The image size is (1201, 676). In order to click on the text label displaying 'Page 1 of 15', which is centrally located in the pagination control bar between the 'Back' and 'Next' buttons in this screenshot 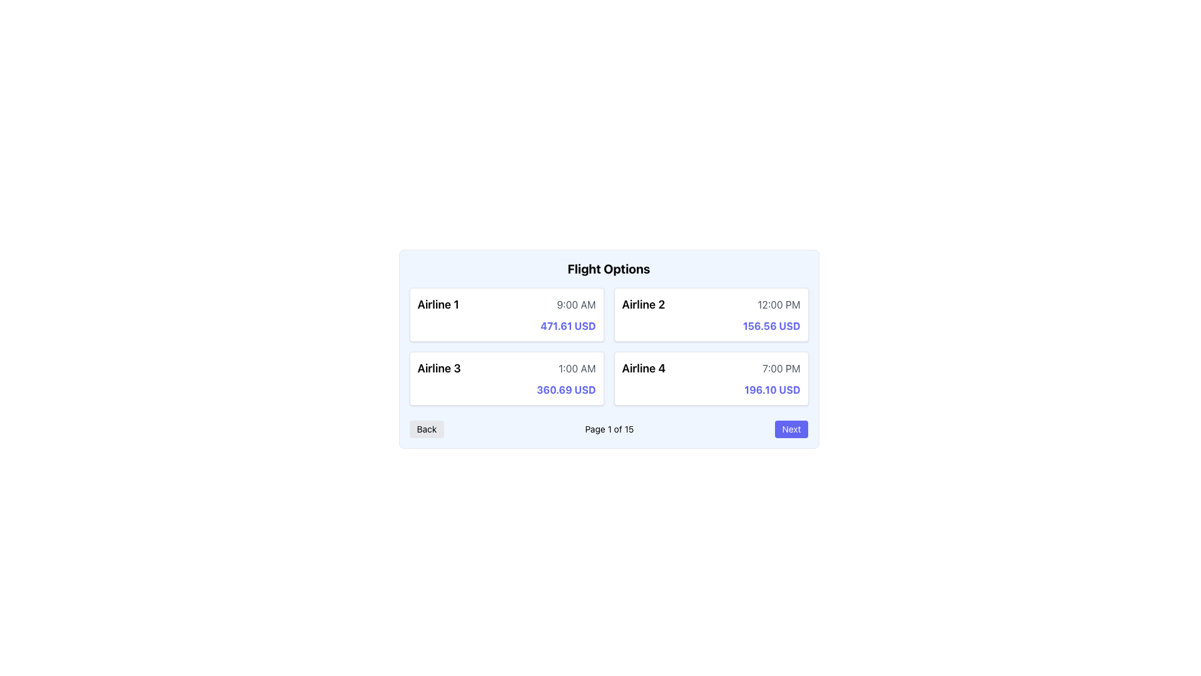, I will do `click(609, 429)`.